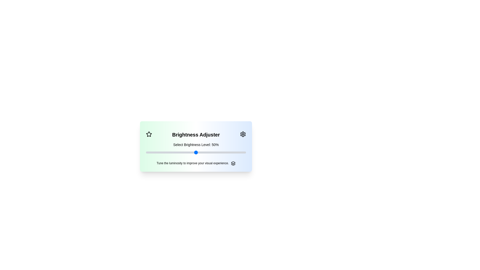 The image size is (480, 270). I want to click on the star icon to display its tooltip, so click(148, 134).